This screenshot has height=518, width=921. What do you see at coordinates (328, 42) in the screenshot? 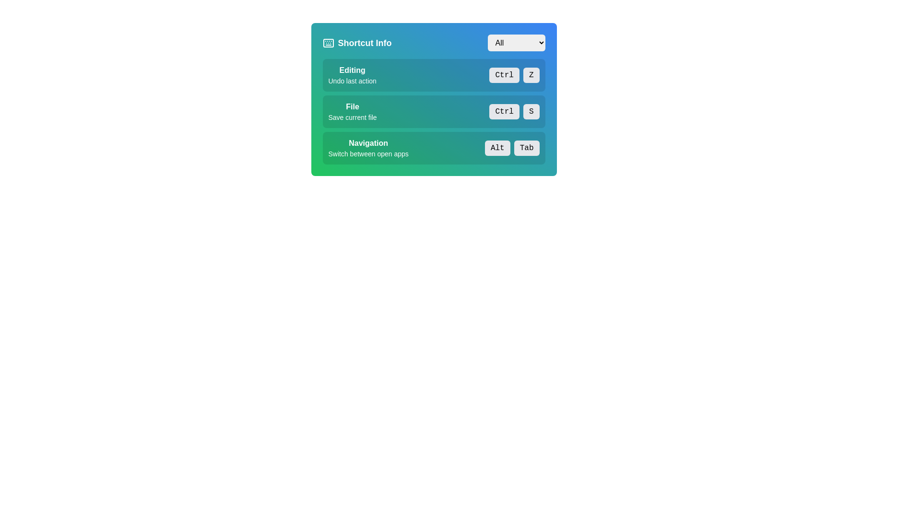
I see `the decorative icon representing the 'Shortcut Info' section, which is positioned to the left of the text 'Shortcut Info'` at bounding box center [328, 42].